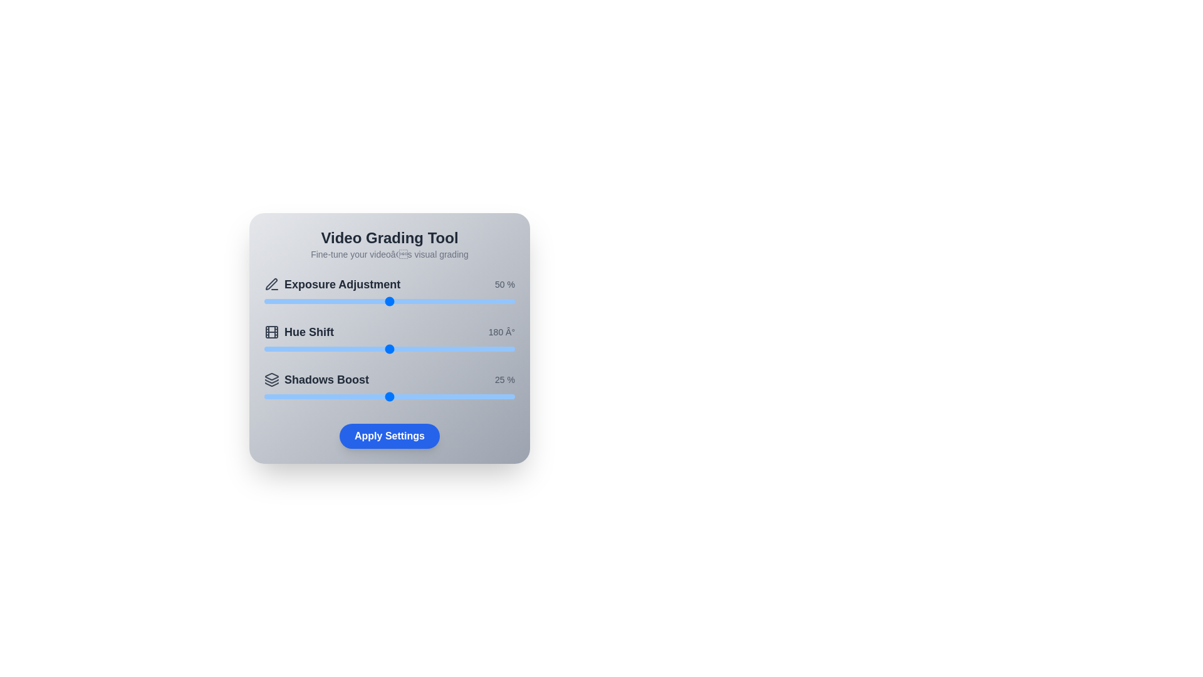  I want to click on the hue shift, so click(375, 349).